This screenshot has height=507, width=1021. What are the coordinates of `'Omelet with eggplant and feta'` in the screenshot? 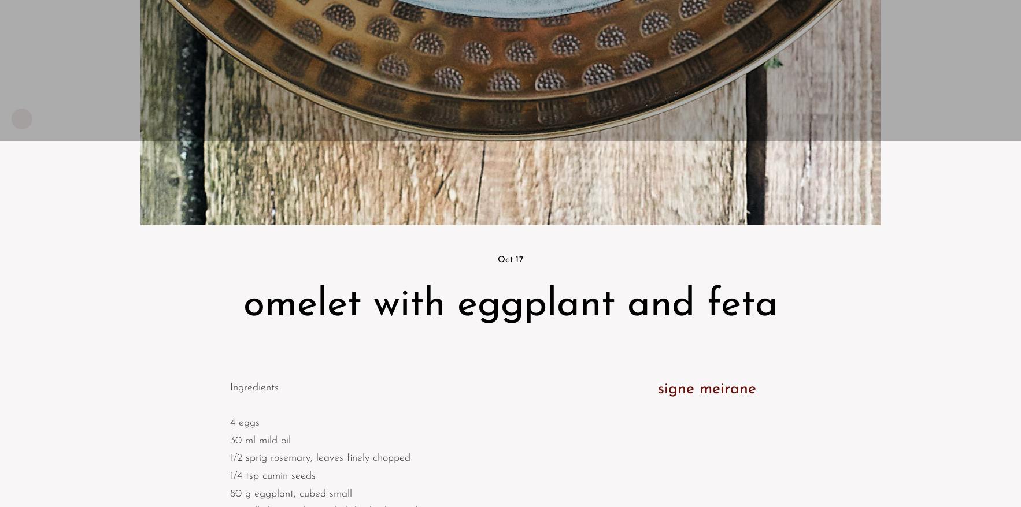 It's located at (510, 304).